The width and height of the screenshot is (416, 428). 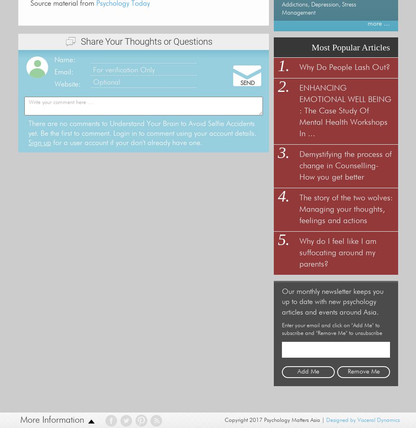 I want to click on 'Name:', so click(x=64, y=59).